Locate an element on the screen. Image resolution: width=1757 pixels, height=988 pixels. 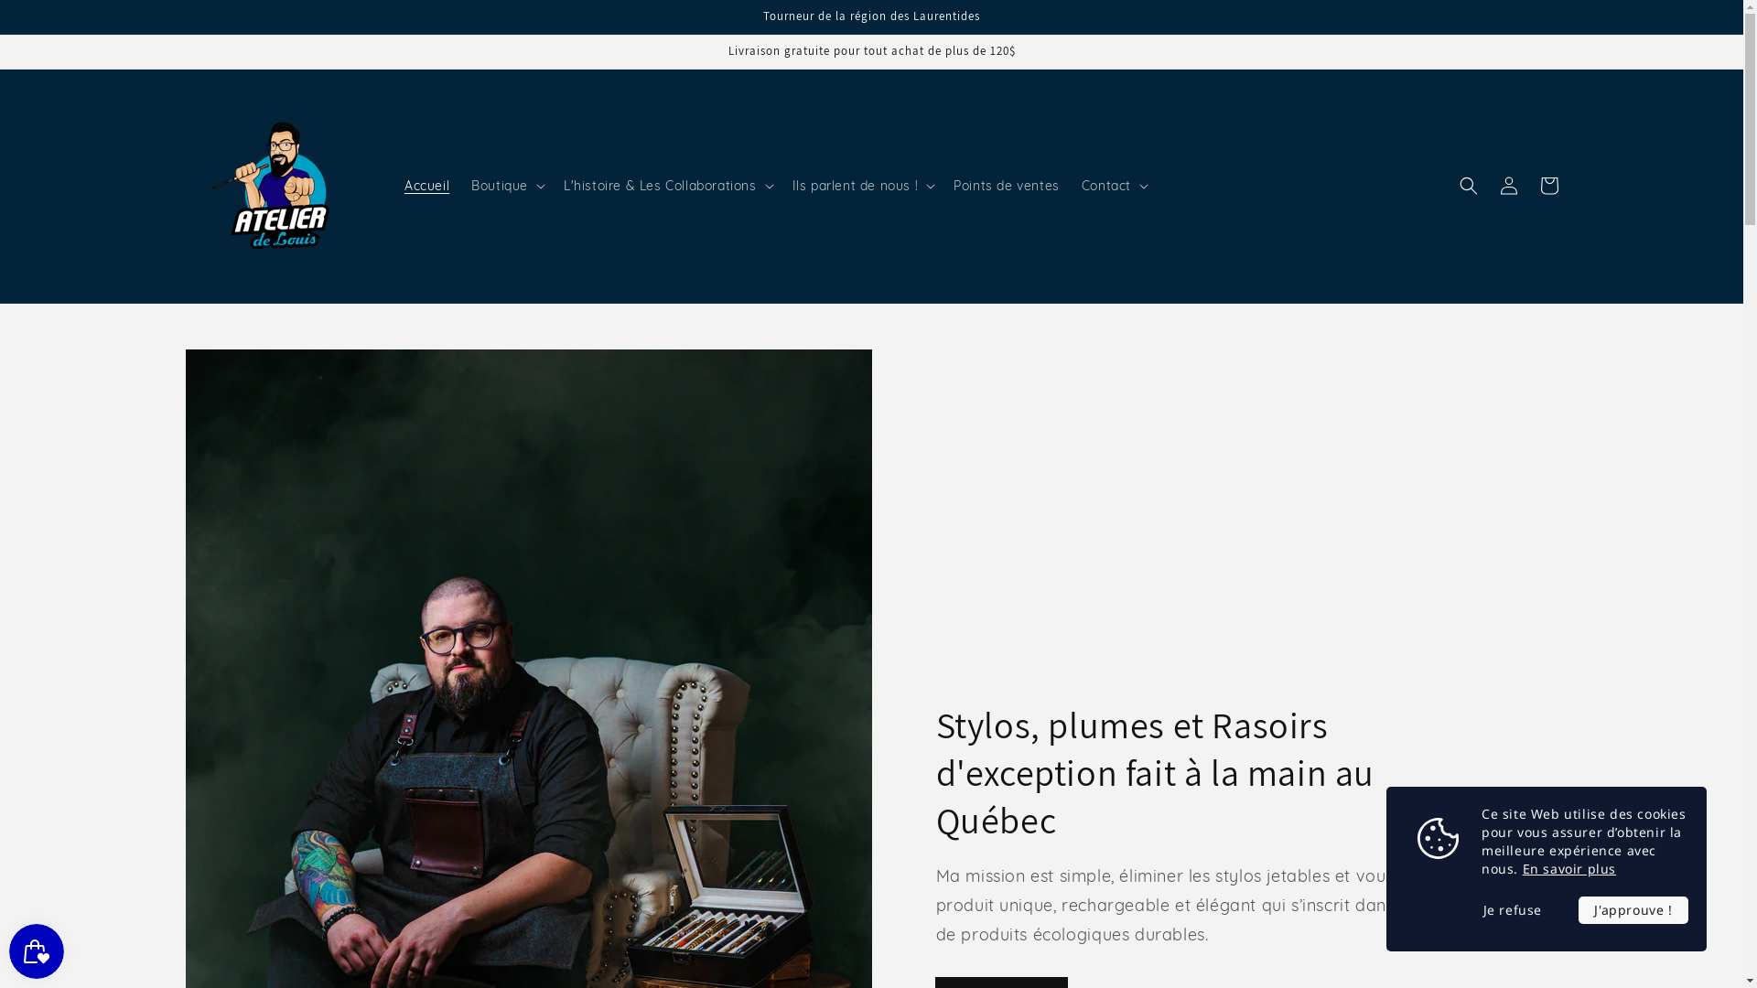
'En savoir plus' is located at coordinates (1568, 867).